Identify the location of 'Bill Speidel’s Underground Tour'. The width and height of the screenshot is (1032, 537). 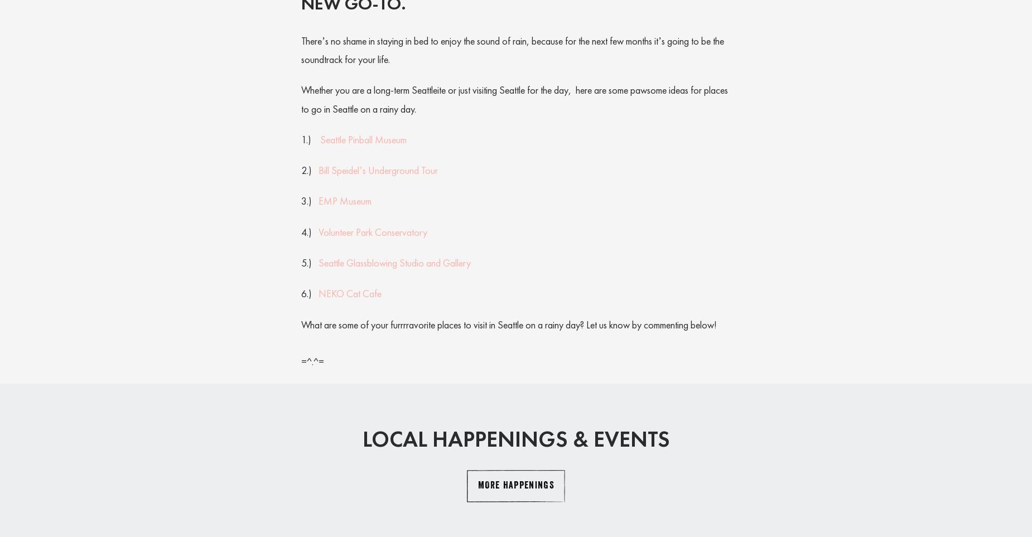
(378, 170).